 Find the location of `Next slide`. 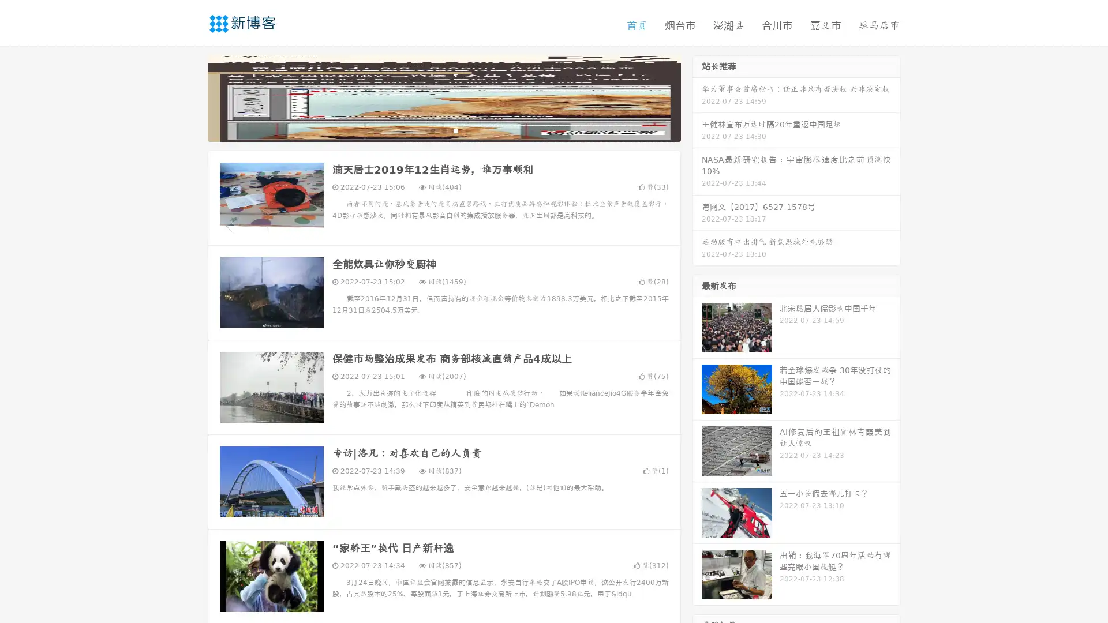

Next slide is located at coordinates (697, 97).